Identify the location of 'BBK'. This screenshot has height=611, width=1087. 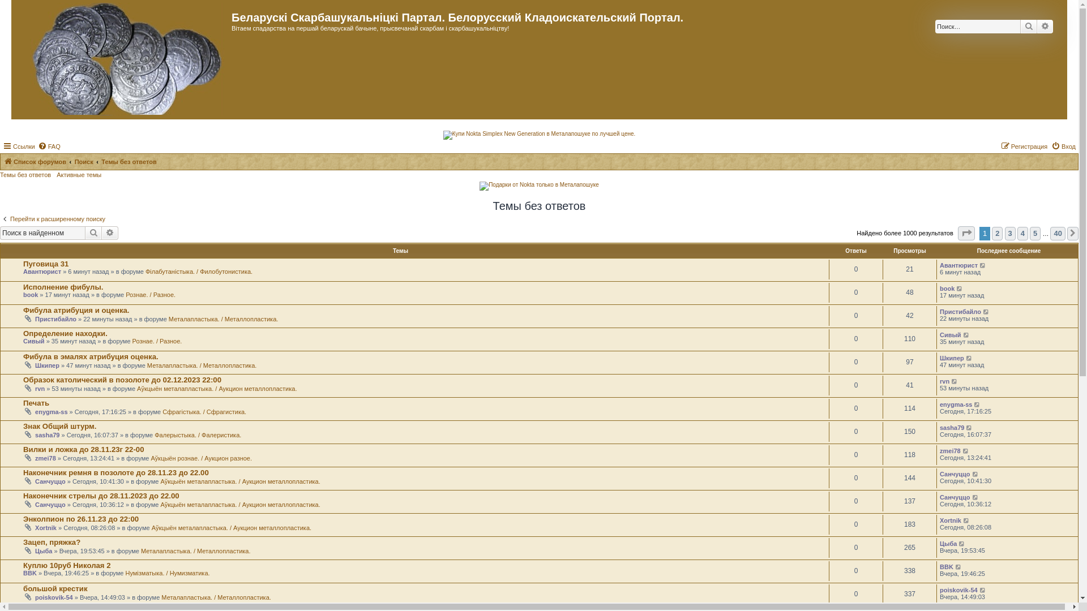
(29, 573).